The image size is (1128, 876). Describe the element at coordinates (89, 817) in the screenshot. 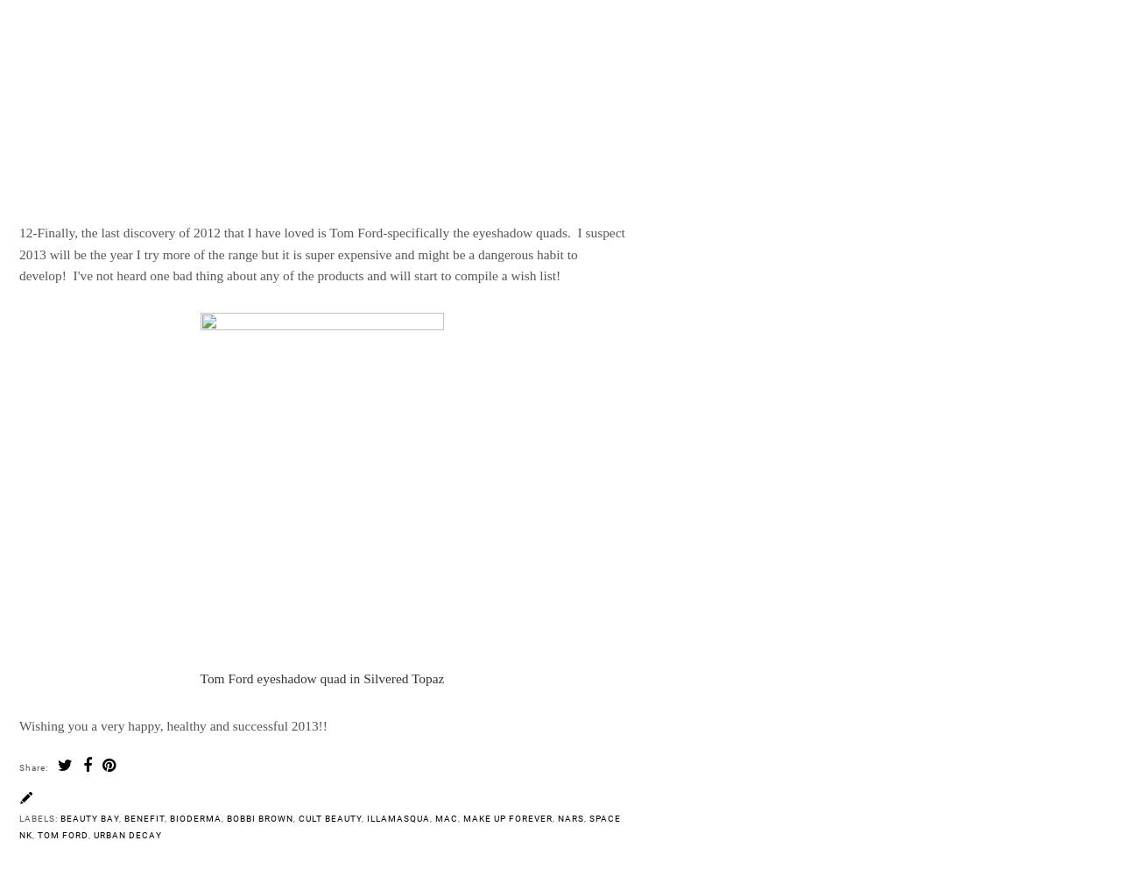

I see `'Beauty Bay'` at that location.